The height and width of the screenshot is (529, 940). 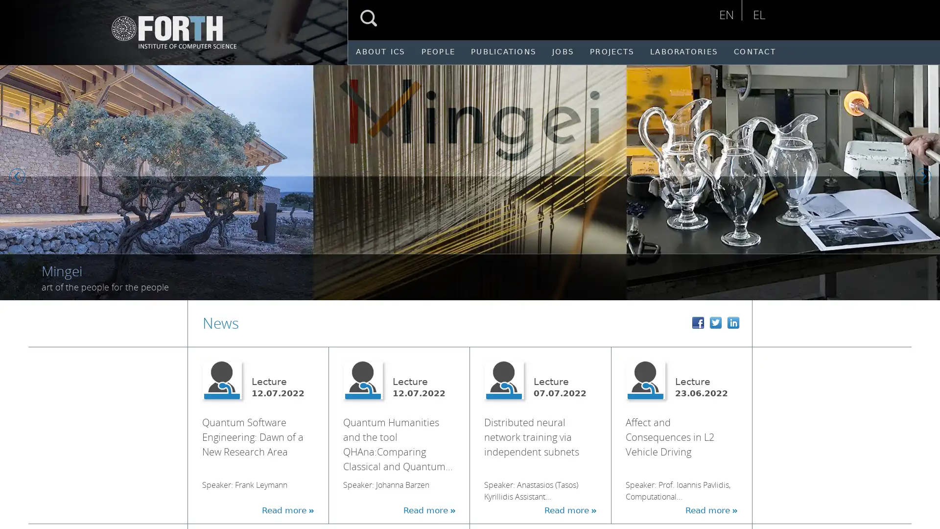 I want to click on visit previous project, so click(x=19, y=177).